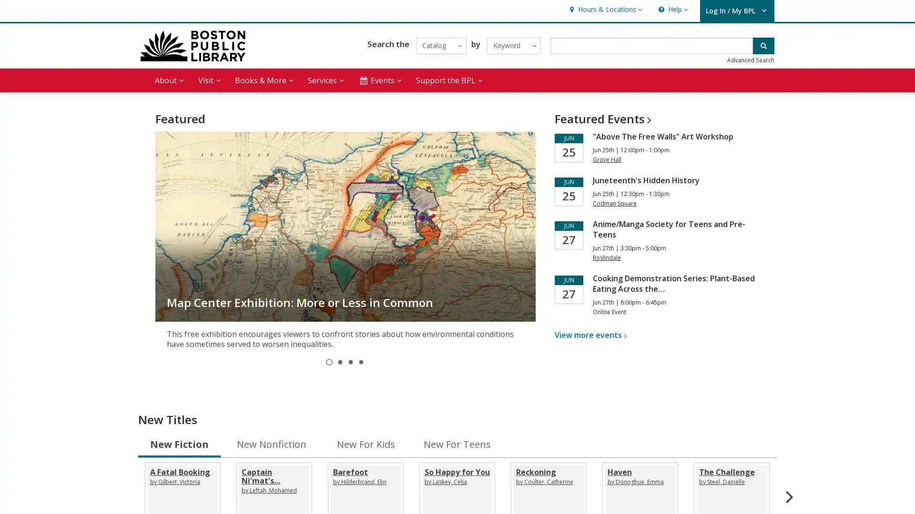 The image size is (915, 514). What do you see at coordinates (440, 45) in the screenshot?
I see `Catalog` at bounding box center [440, 45].